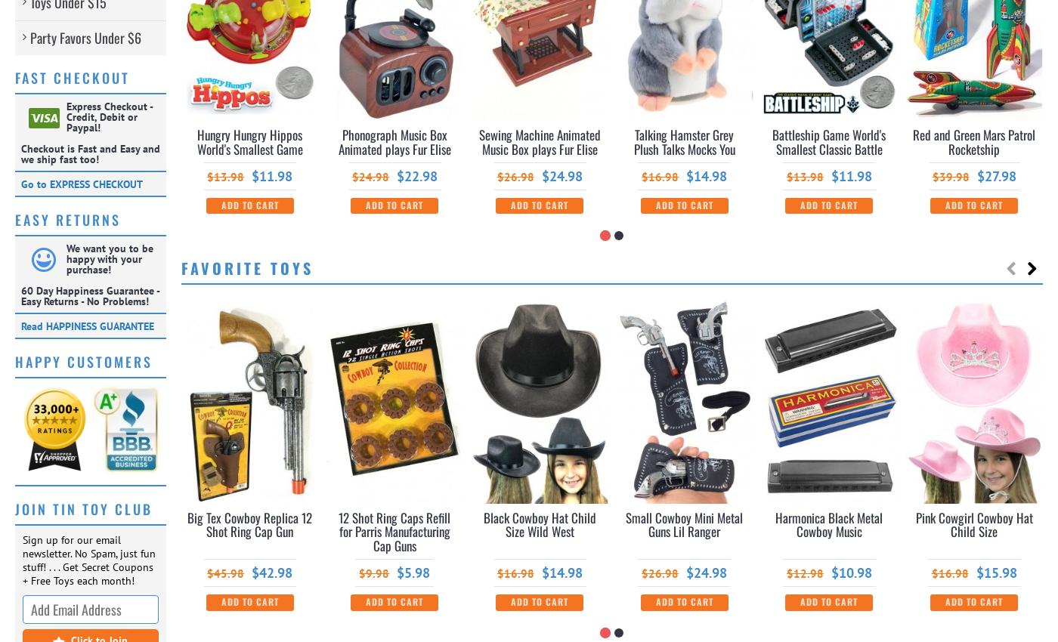  What do you see at coordinates (416, 175) in the screenshot?
I see `'$22.98'` at bounding box center [416, 175].